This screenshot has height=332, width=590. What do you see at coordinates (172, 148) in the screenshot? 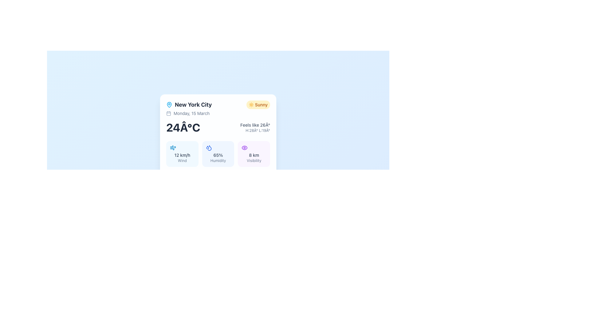
I see `the wind speed icon located in the upper left corner of the weather information card, which precedes the text '12 km/h Wind'` at bounding box center [172, 148].